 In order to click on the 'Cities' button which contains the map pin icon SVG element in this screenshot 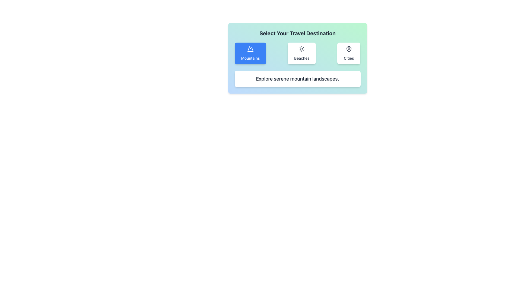, I will do `click(349, 49)`.